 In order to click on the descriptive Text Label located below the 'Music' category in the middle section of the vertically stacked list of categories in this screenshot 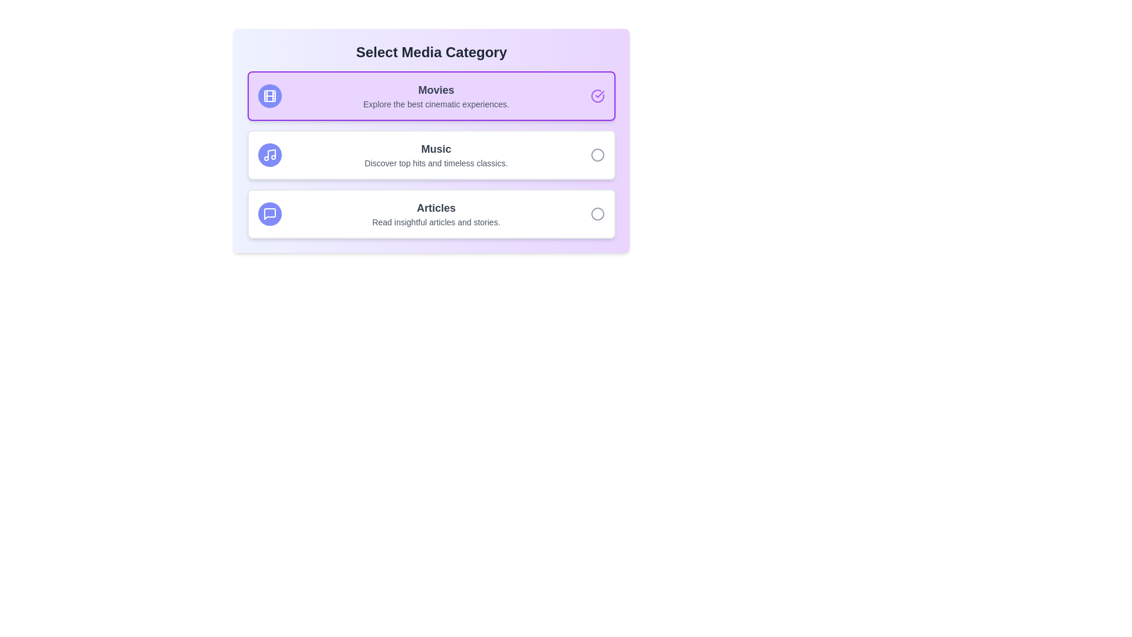, I will do `click(435, 163)`.